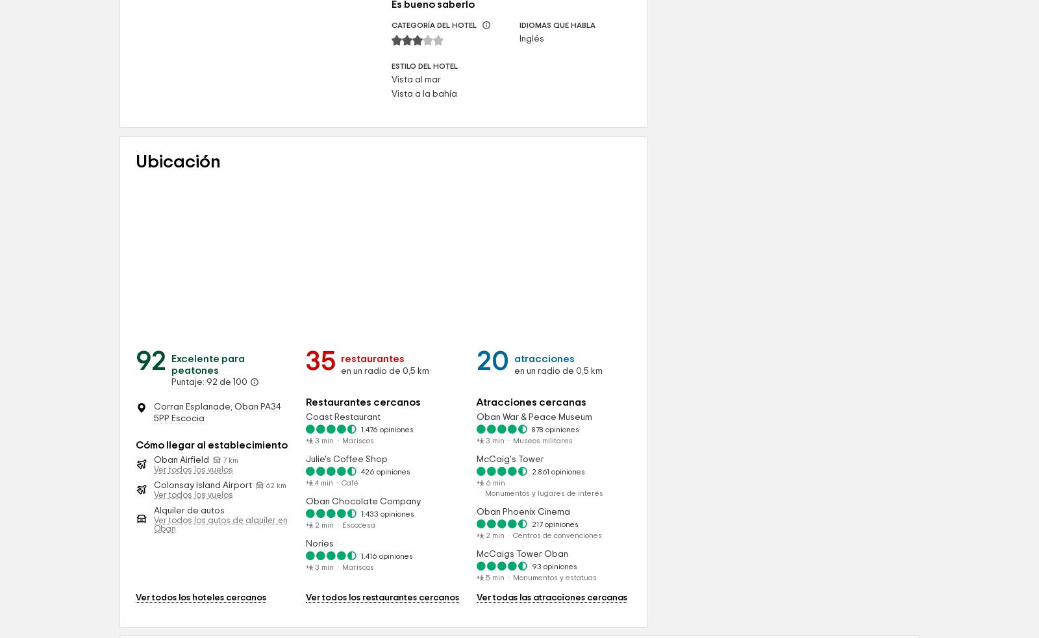 Image resolution: width=1039 pixels, height=638 pixels. I want to click on '62', so click(264, 596).